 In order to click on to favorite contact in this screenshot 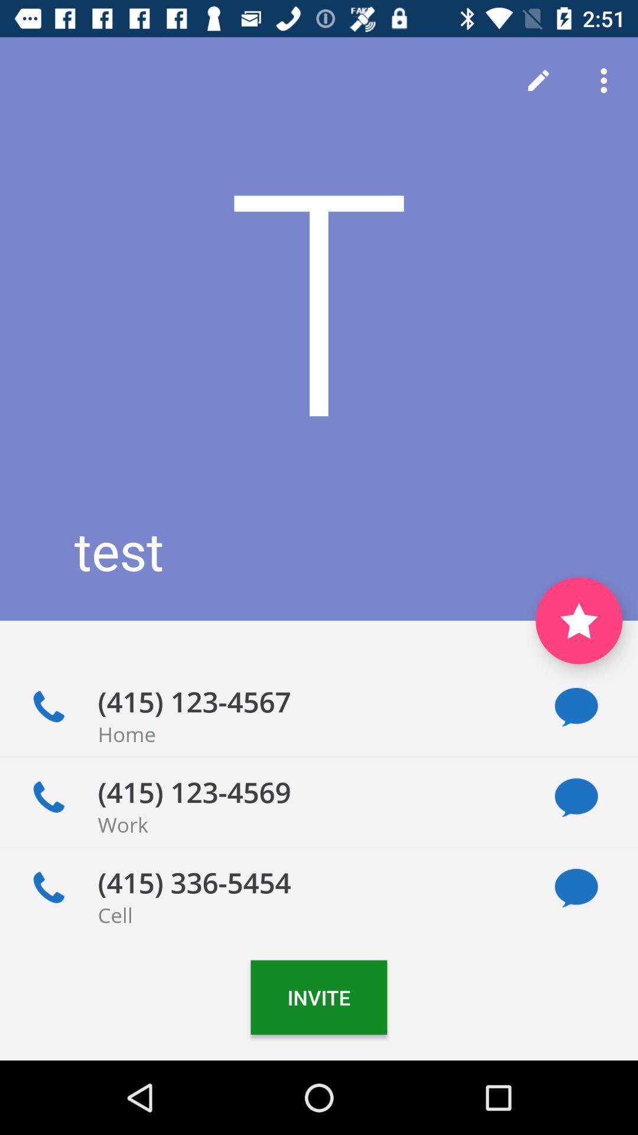, I will do `click(578, 620)`.